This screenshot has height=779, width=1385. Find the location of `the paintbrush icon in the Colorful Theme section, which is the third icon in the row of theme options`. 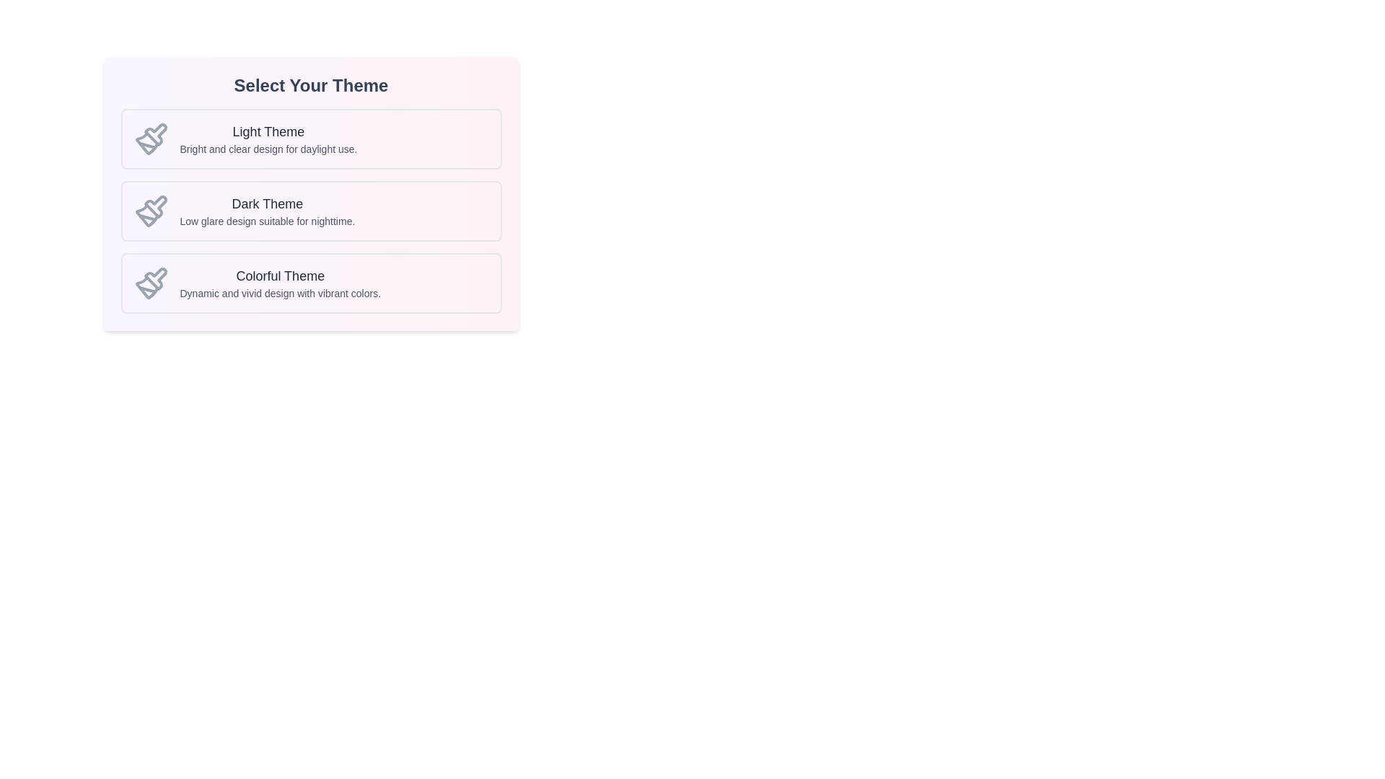

the paintbrush icon in the Colorful Theme section, which is the third icon in the row of theme options is located at coordinates (146, 287).